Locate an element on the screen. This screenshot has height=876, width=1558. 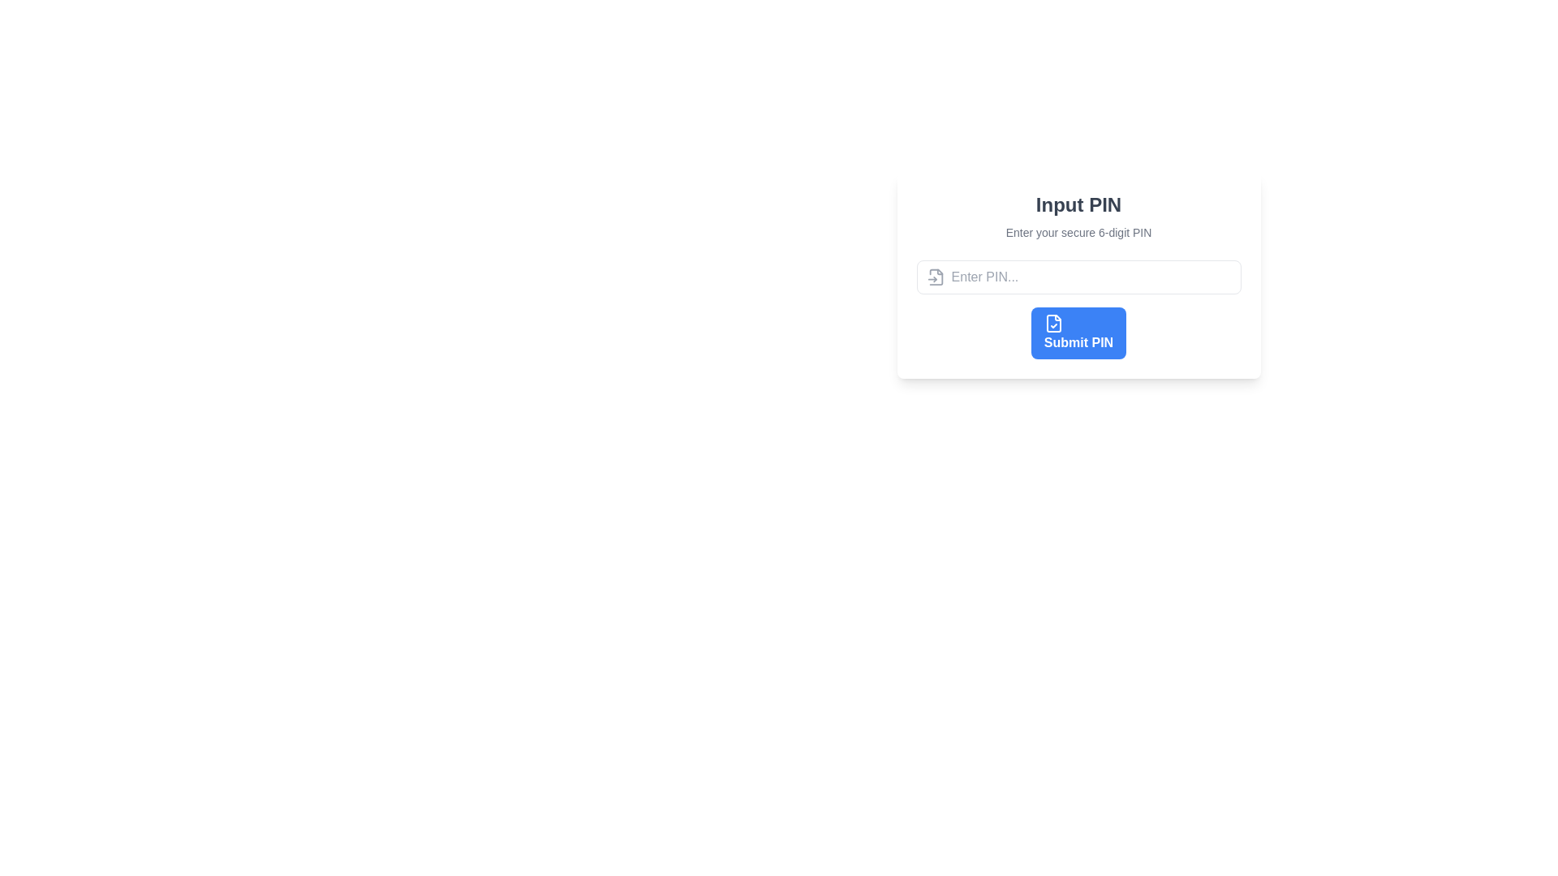
the text label that instructs users to 'Enter your secure 6-digit PIN', which is located directly below the 'Input PIN' header is located at coordinates (1078, 232).